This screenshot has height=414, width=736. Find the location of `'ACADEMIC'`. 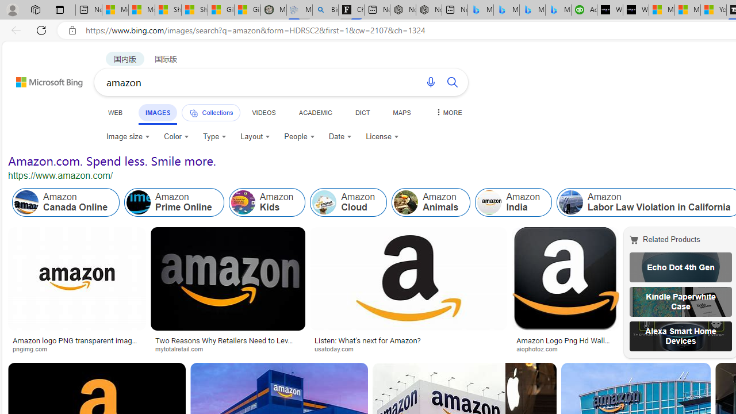

'ACADEMIC' is located at coordinates (315, 112).